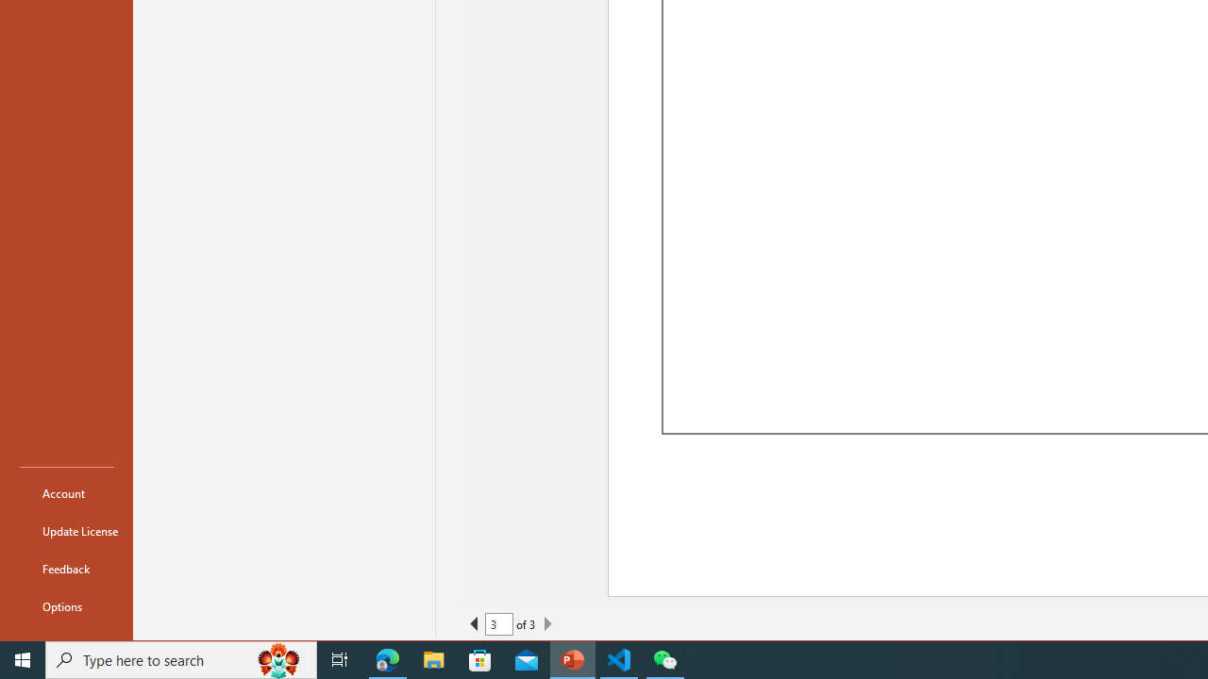  I want to click on 'Options', so click(67, 605).